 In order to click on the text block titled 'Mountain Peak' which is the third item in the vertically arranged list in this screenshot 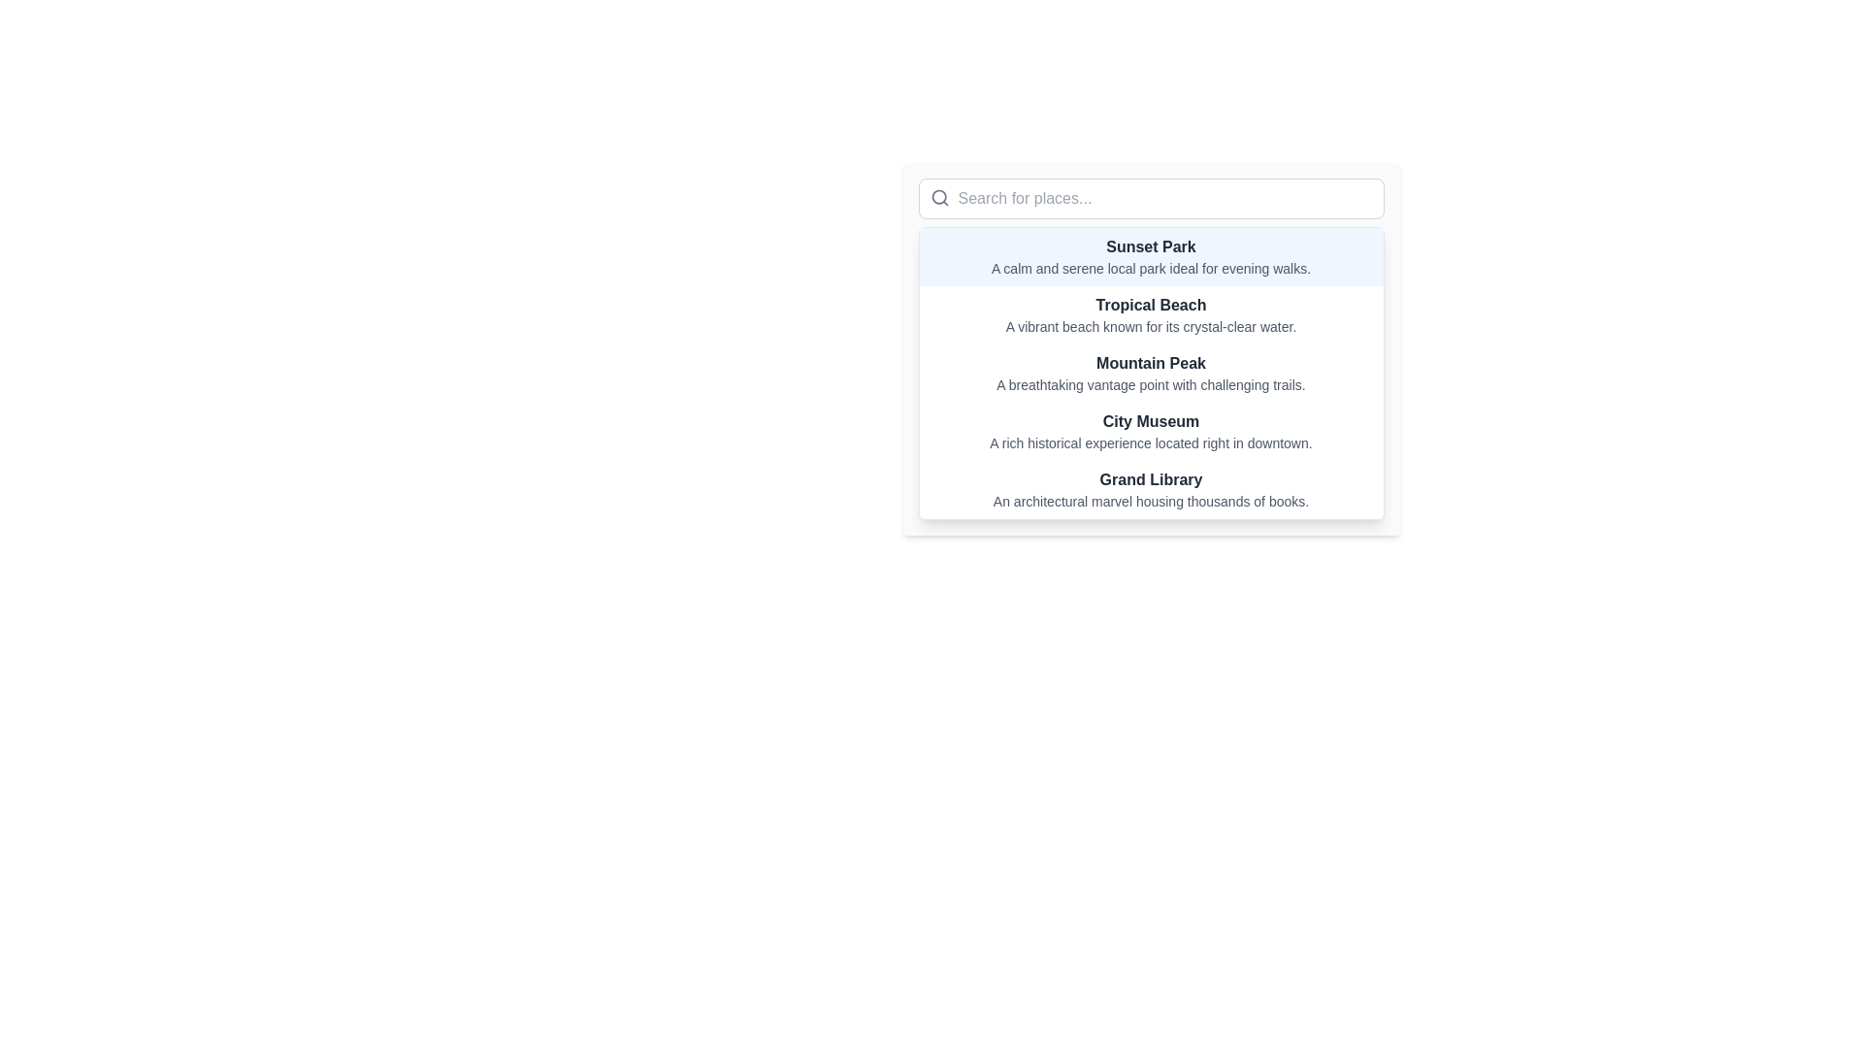, I will do `click(1151, 374)`.